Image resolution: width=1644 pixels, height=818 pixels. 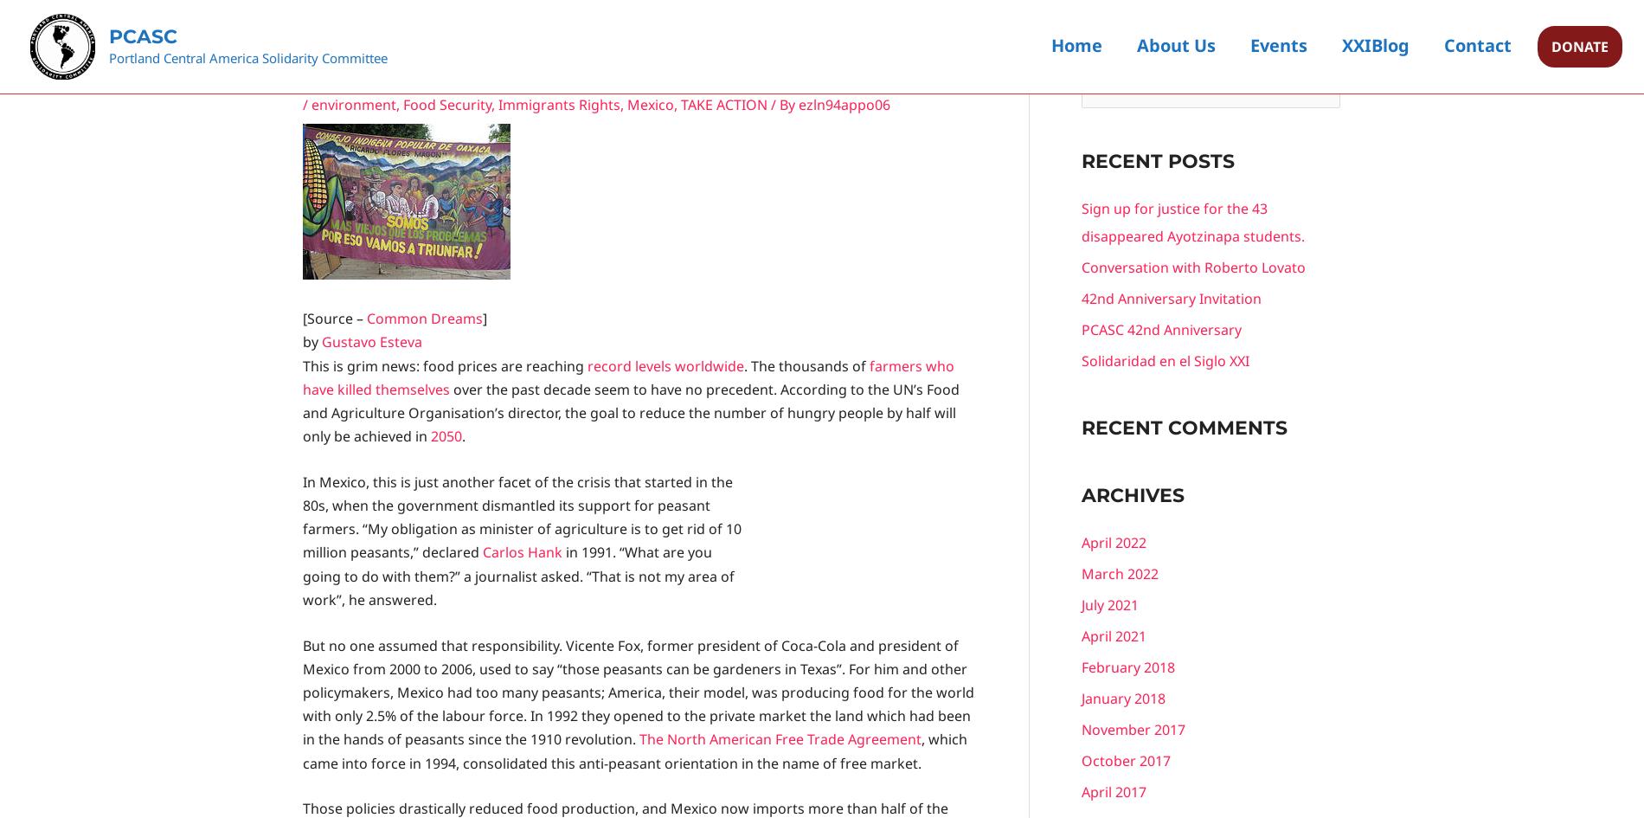 What do you see at coordinates (370, 341) in the screenshot?
I see `'Gustavo Esteva'` at bounding box center [370, 341].